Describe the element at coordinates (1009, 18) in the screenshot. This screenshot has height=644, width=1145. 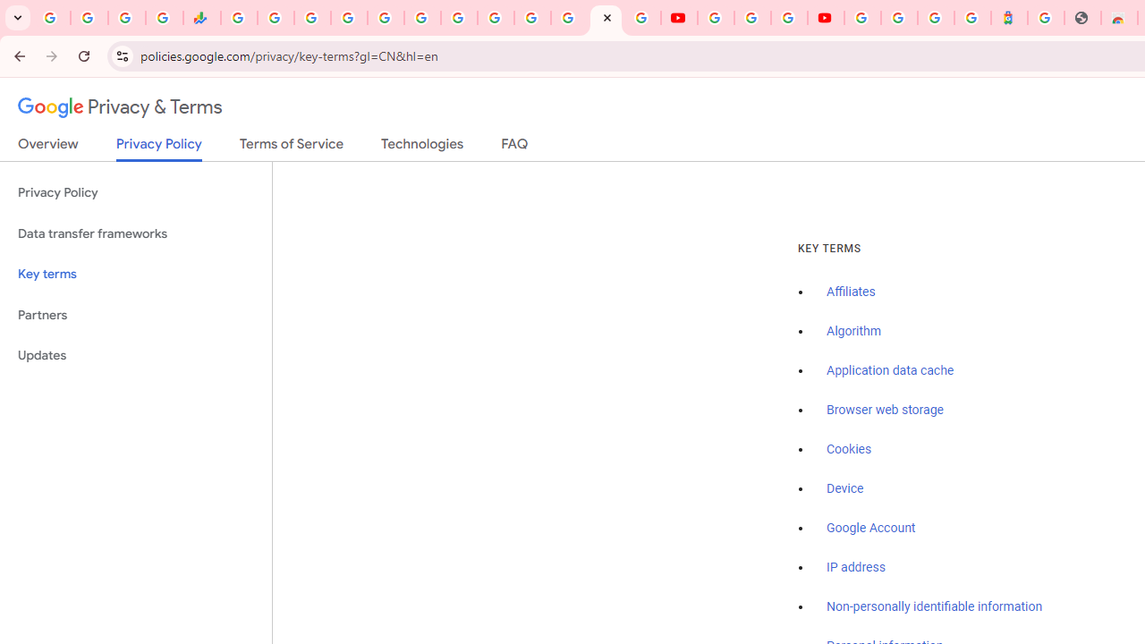
I see `'Atour Hotel - Google hotels'` at that location.